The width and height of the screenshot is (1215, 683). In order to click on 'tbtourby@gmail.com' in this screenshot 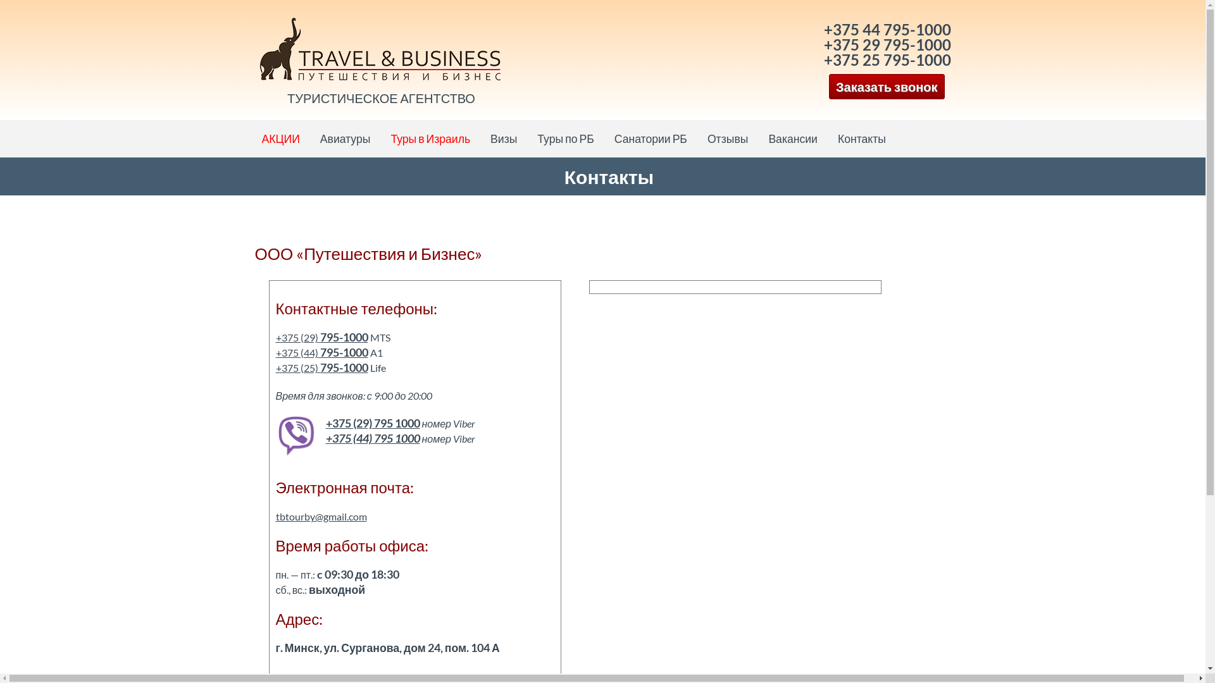, I will do `click(321, 516)`.